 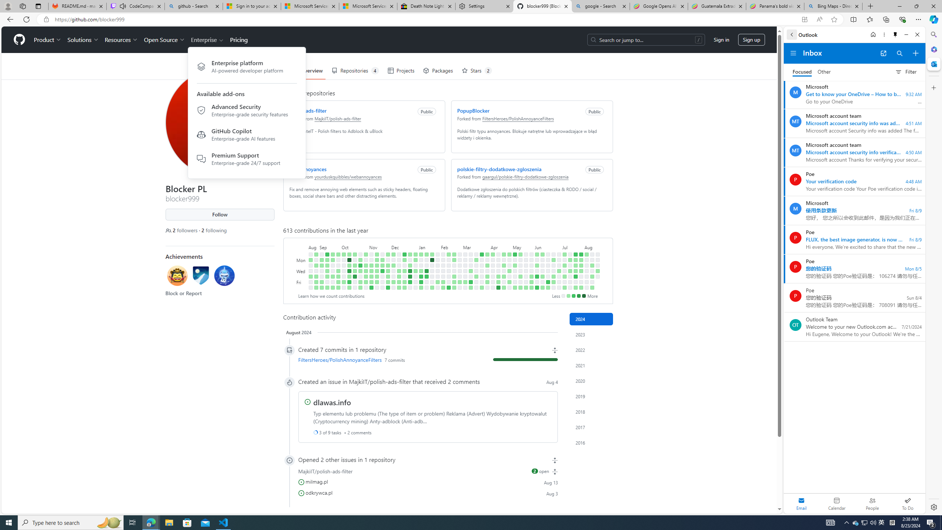 What do you see at coordinates (553, 265) in the screenshot?
I see `'No contributions on June 25th.'` at bounding box center [553, 265].